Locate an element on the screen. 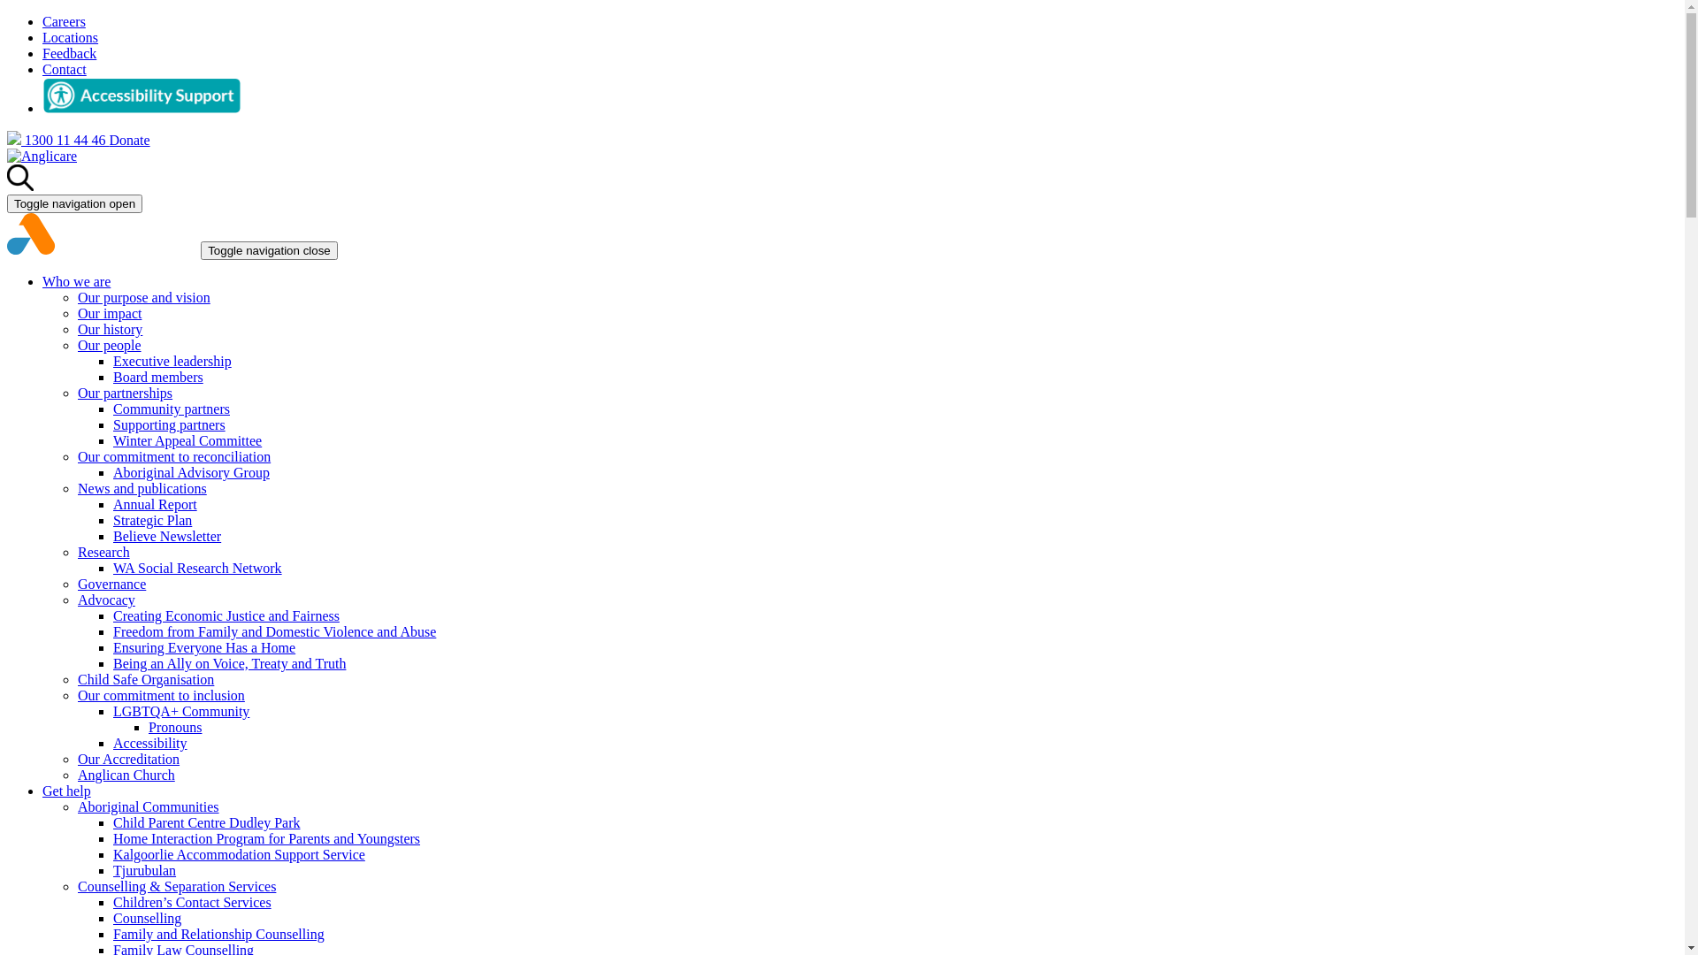 Image resolution: width=1698 pixels, height=955 pixels. 'Who we are' is located at coordinates (75, 280).